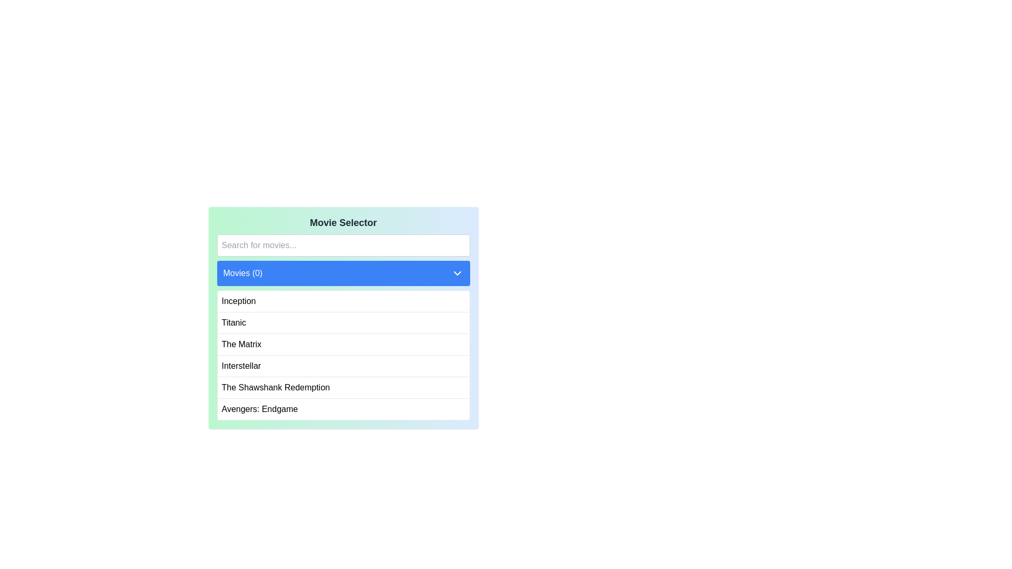  Describe the element at coordinates (238, 301) in the screenshot. I see `the text 'Inception'` at that location.